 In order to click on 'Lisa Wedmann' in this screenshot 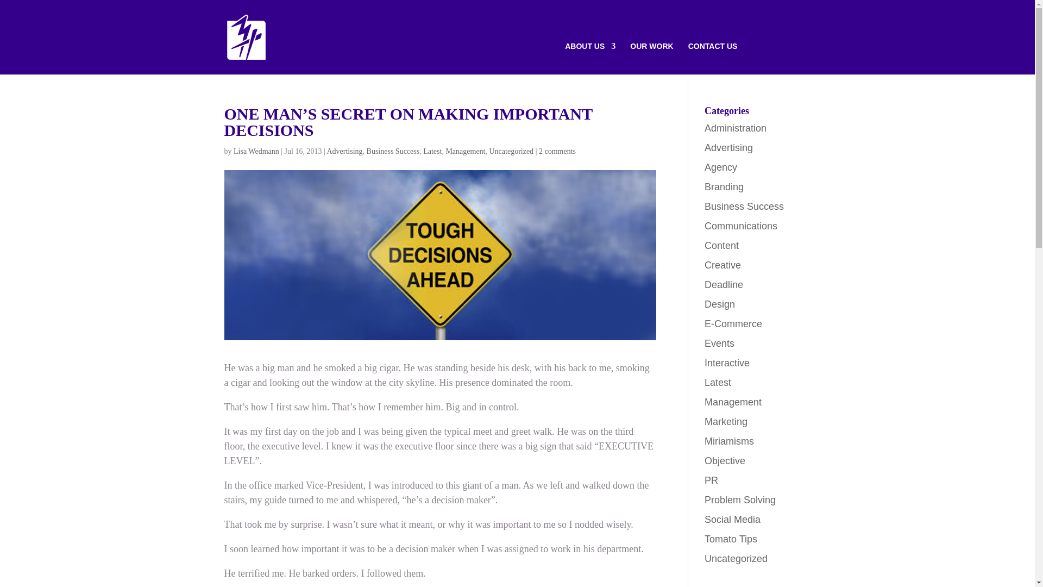, I will do `click(255, 151)`.